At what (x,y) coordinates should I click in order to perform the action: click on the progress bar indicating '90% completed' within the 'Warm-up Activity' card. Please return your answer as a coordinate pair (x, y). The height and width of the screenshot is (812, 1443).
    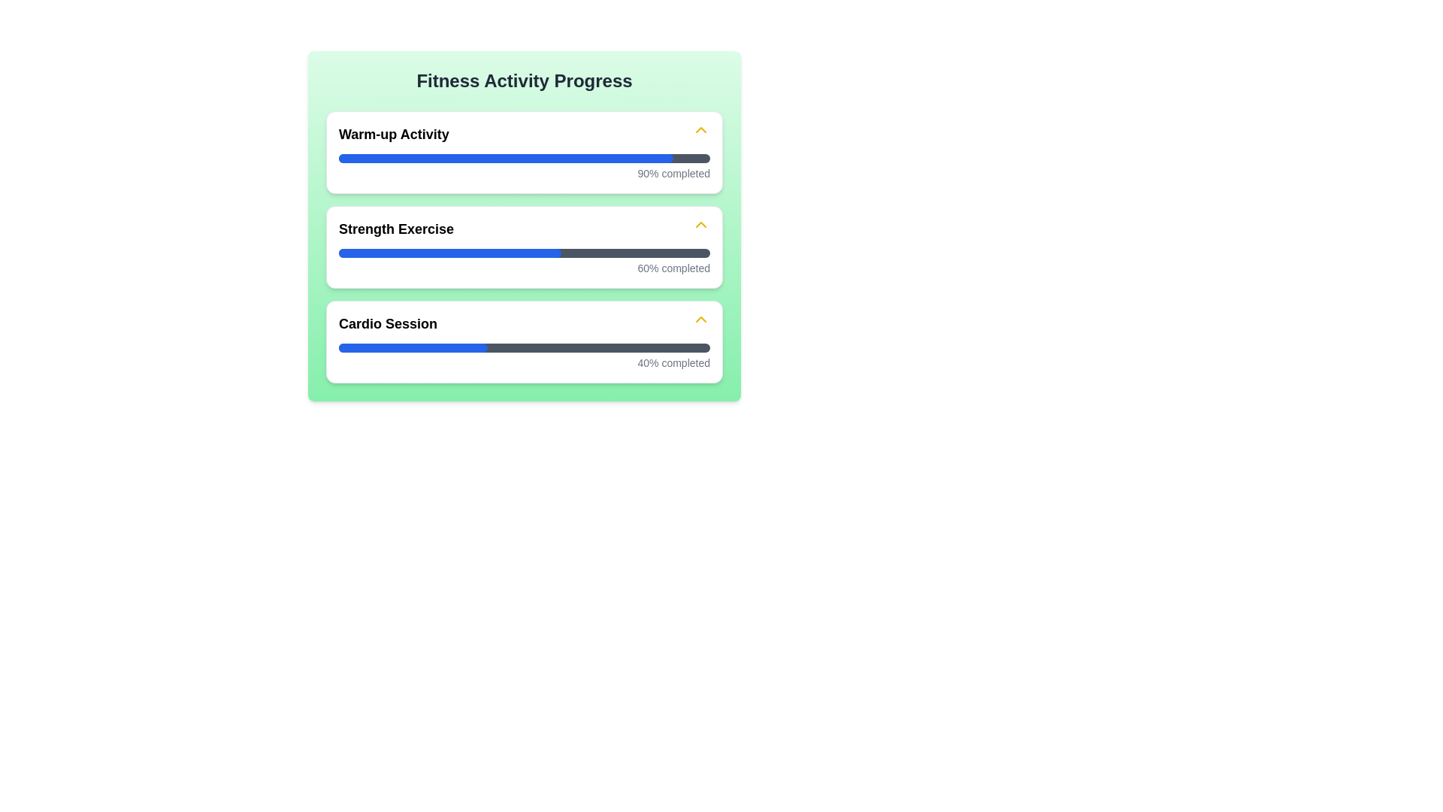
    Looking at the image, I should click on (524, 159).